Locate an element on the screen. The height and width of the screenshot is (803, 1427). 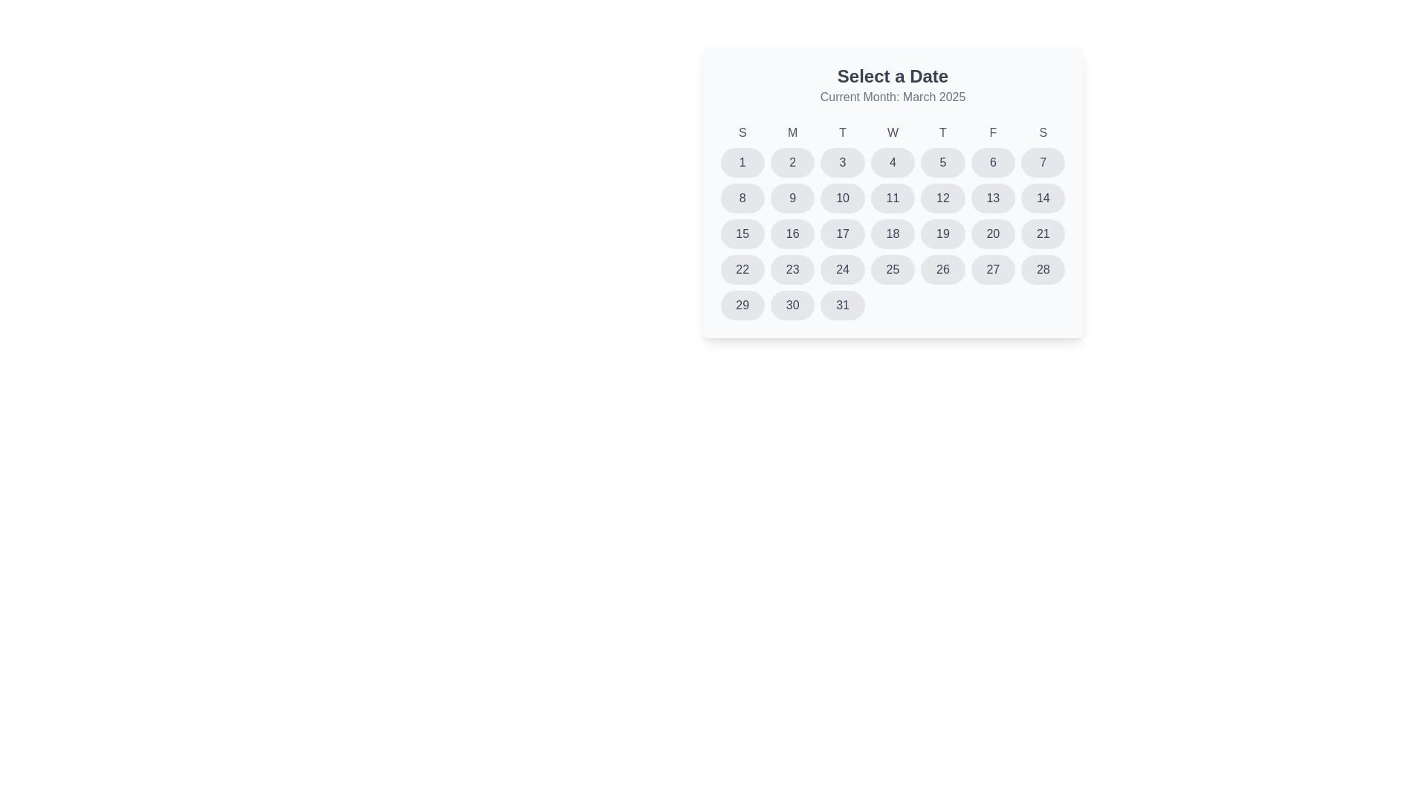
the rounded button labeled '7' with a gray background located in the top-right area of the calendar grid is located at coordinates (1042, 163).